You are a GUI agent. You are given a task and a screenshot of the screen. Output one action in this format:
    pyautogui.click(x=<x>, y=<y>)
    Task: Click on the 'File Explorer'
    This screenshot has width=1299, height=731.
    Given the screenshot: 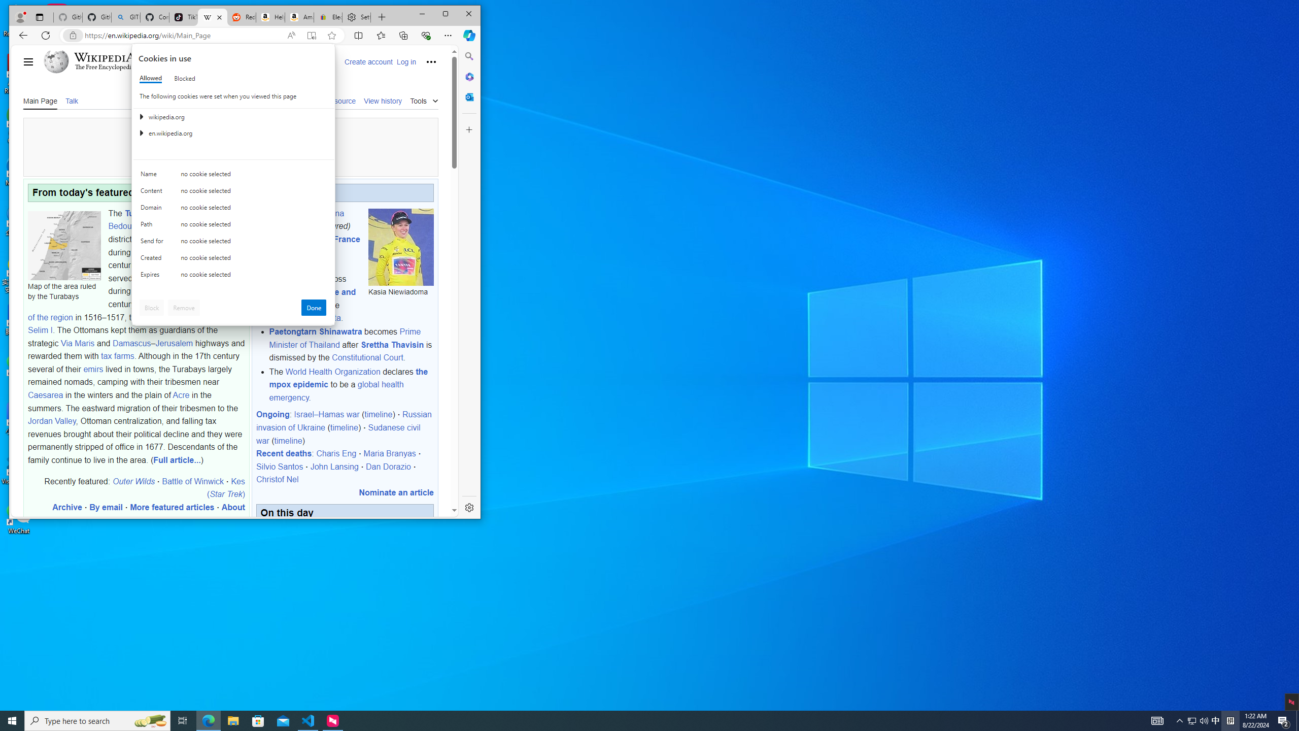 What is the action you would take?
    pyautogui.click(x=232, y=720)
    